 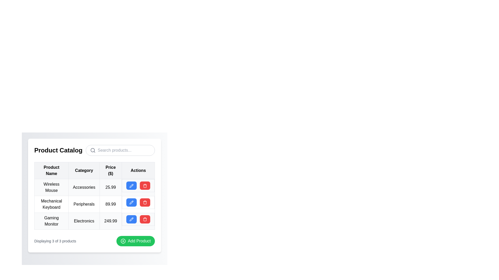 What do you see at coordinates (131, 202) in the screenshot?
I see `the blue button with a pencil icon in the 'Actions' column for the item 'Mechanical Keyboard'` at bounding box center [131, 202].